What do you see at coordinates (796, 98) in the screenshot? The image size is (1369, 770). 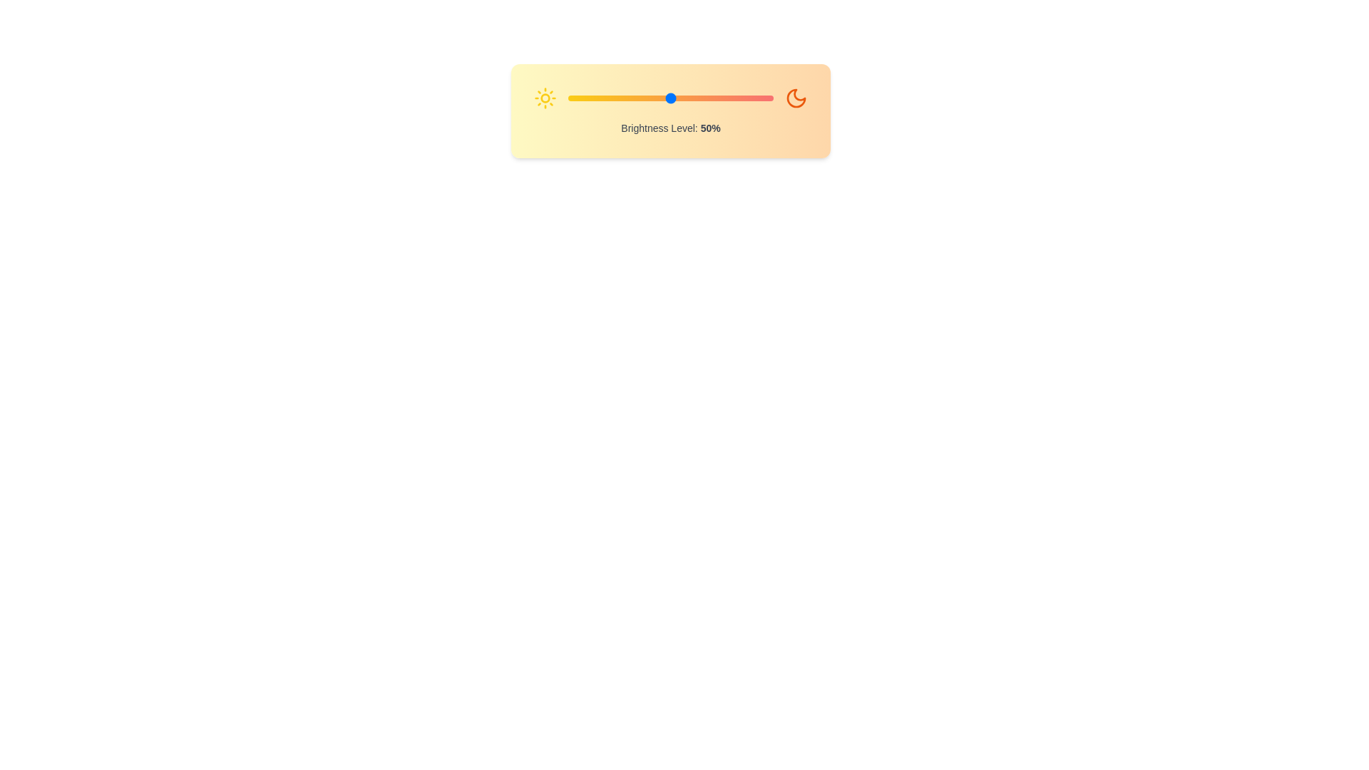 I see `the moon icon to explore its functionality` at bounding box center [796, 98].